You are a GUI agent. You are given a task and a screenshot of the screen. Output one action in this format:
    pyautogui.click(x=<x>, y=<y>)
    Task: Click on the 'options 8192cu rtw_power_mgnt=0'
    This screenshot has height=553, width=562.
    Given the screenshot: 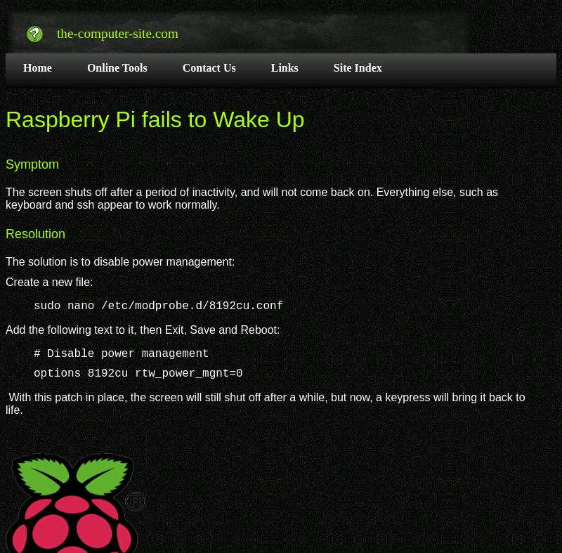 What is the action you would take?
    pyautogui.click(x=137, y=373)
    